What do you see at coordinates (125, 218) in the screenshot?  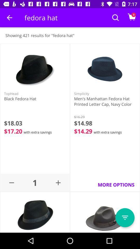 I see `the filter_list icon` at bounding box center [125, 218].